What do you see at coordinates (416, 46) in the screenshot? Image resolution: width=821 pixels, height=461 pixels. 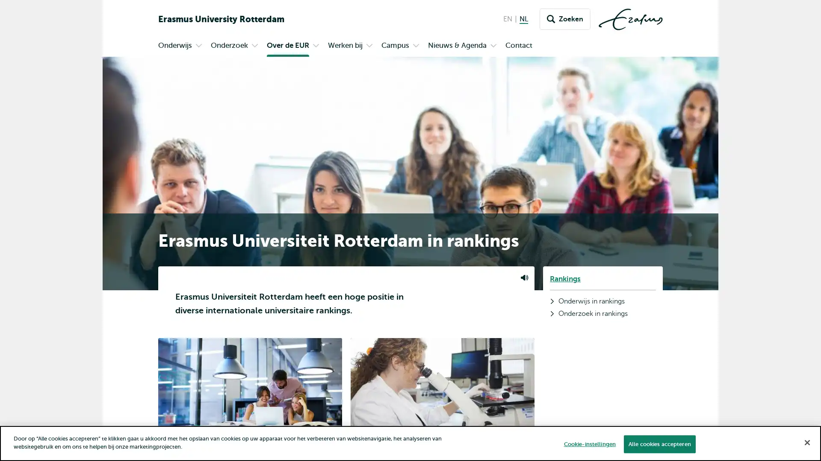 I see `Open submenu` at bounding box center [416, 46].